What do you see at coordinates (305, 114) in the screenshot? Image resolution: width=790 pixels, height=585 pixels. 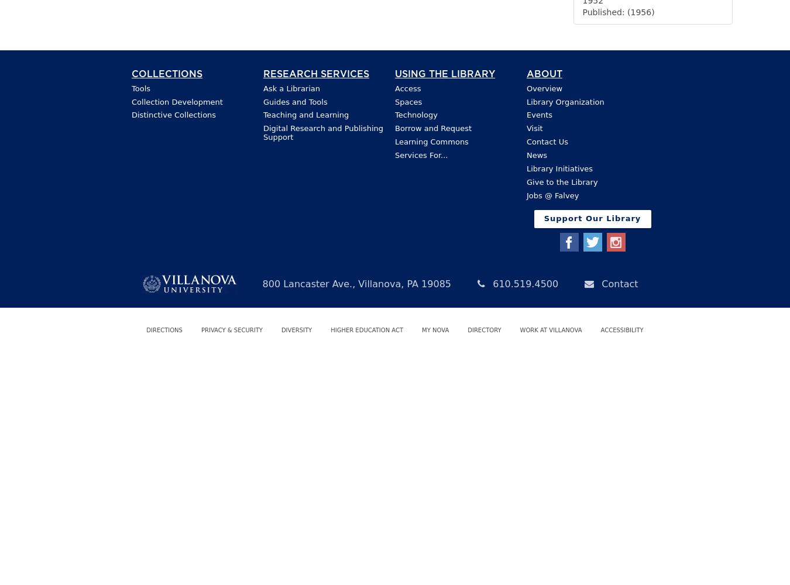 I see `'Teaching and Learning'` at bounding box center [305, 114].